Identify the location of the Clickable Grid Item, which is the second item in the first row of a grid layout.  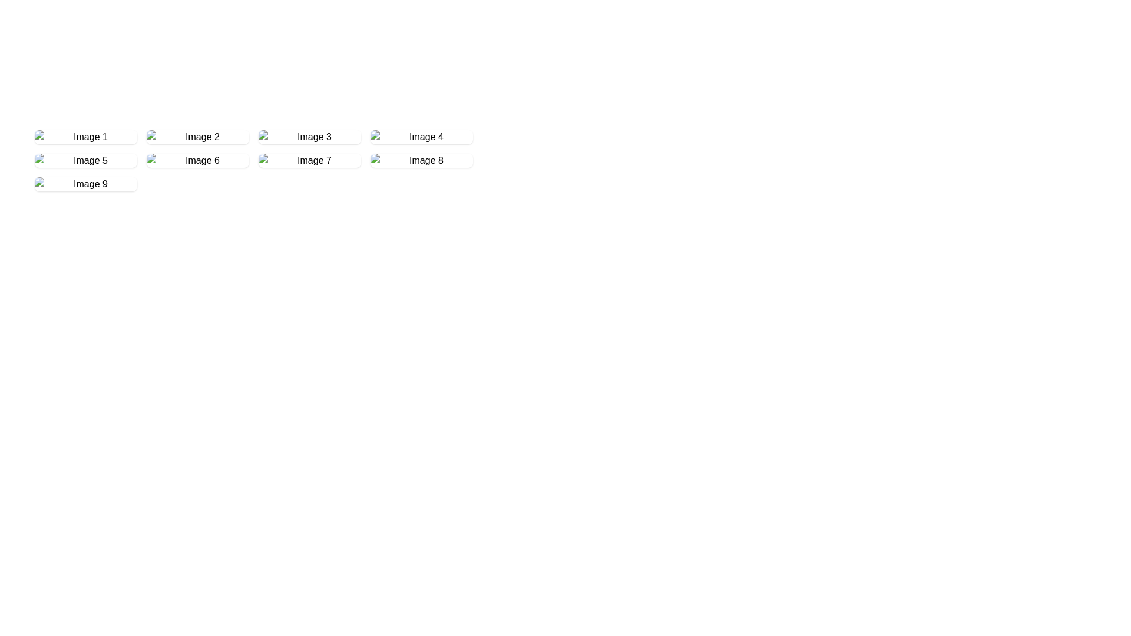
(198, 136).